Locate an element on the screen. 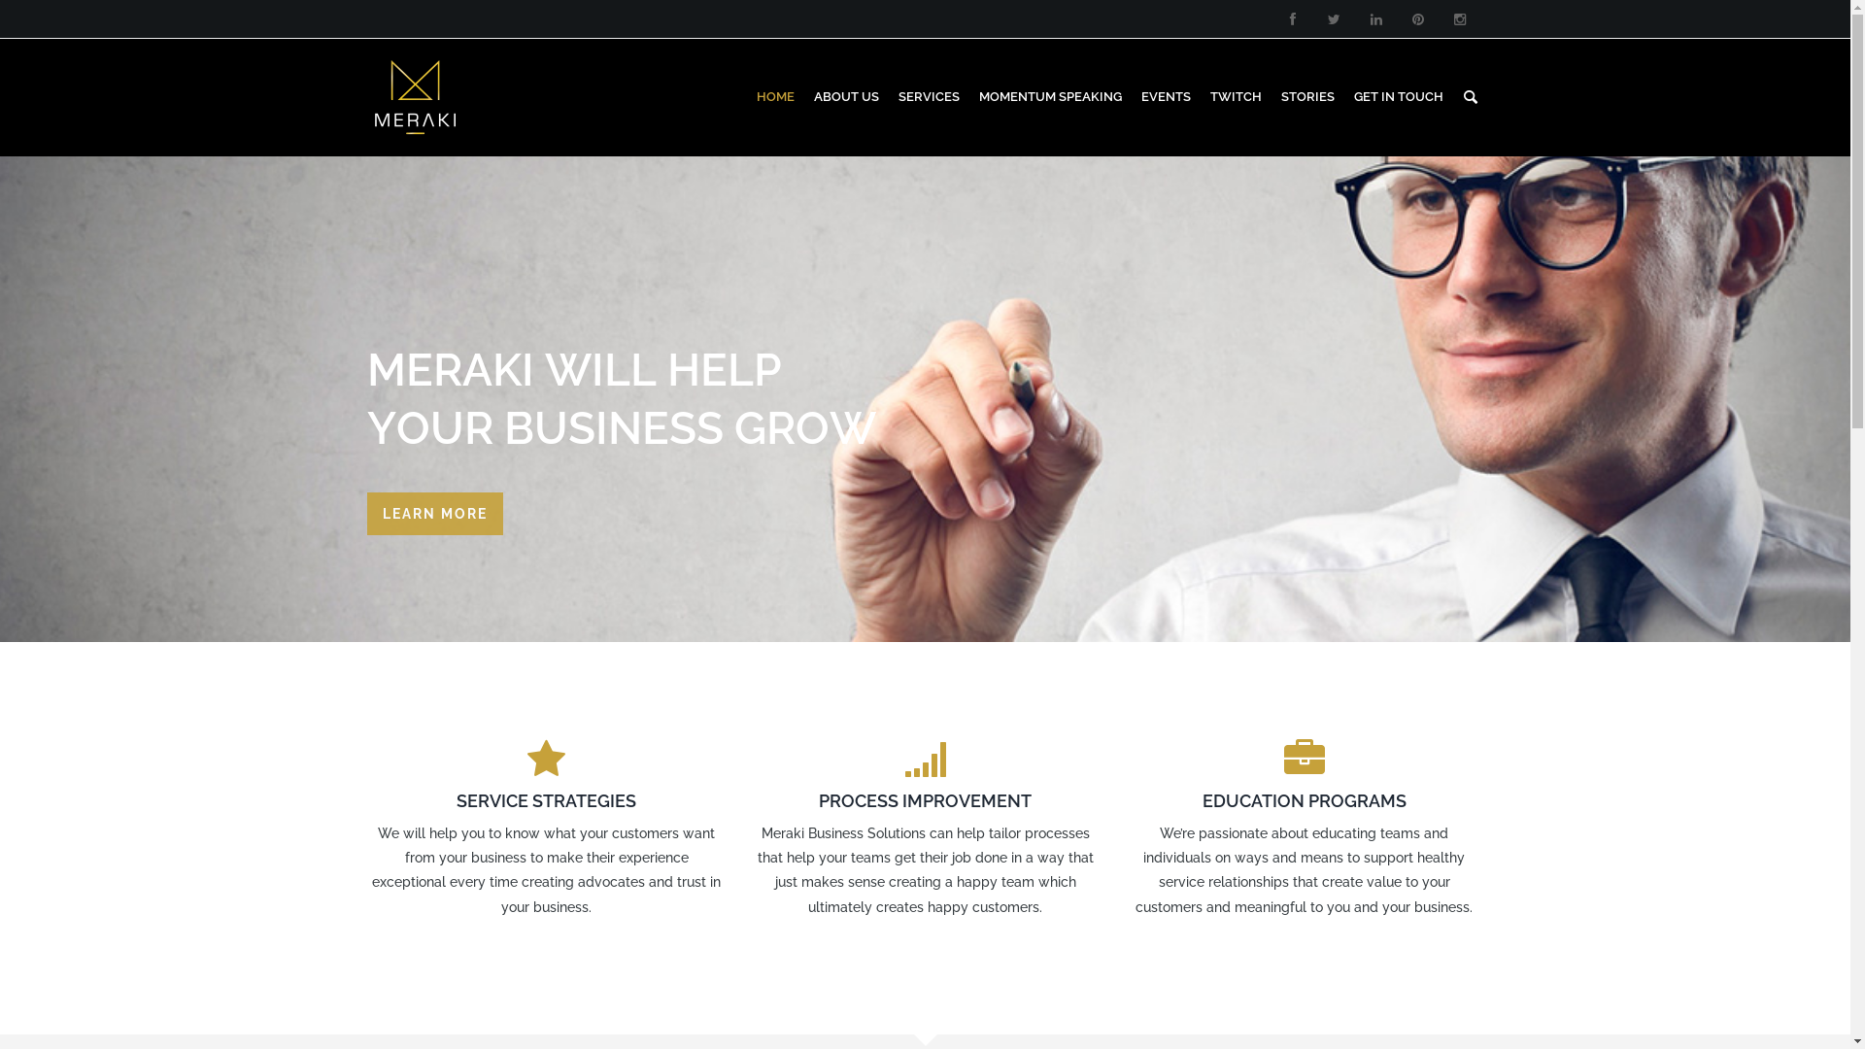 The width and height of the screenshot is (1865, 1049). 'STORIES' is located at coordinates (1306, 97).